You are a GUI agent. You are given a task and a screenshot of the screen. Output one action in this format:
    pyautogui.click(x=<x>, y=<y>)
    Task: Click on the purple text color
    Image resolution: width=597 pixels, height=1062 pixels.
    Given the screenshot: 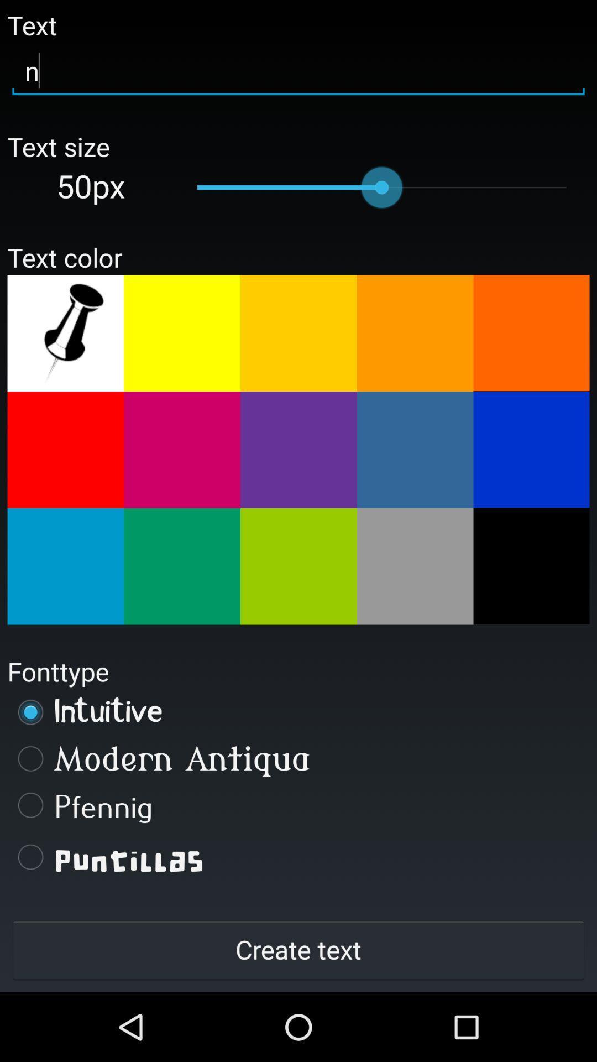 What is the action you would take?
    pyautogui.click(x=298, y=450)
    